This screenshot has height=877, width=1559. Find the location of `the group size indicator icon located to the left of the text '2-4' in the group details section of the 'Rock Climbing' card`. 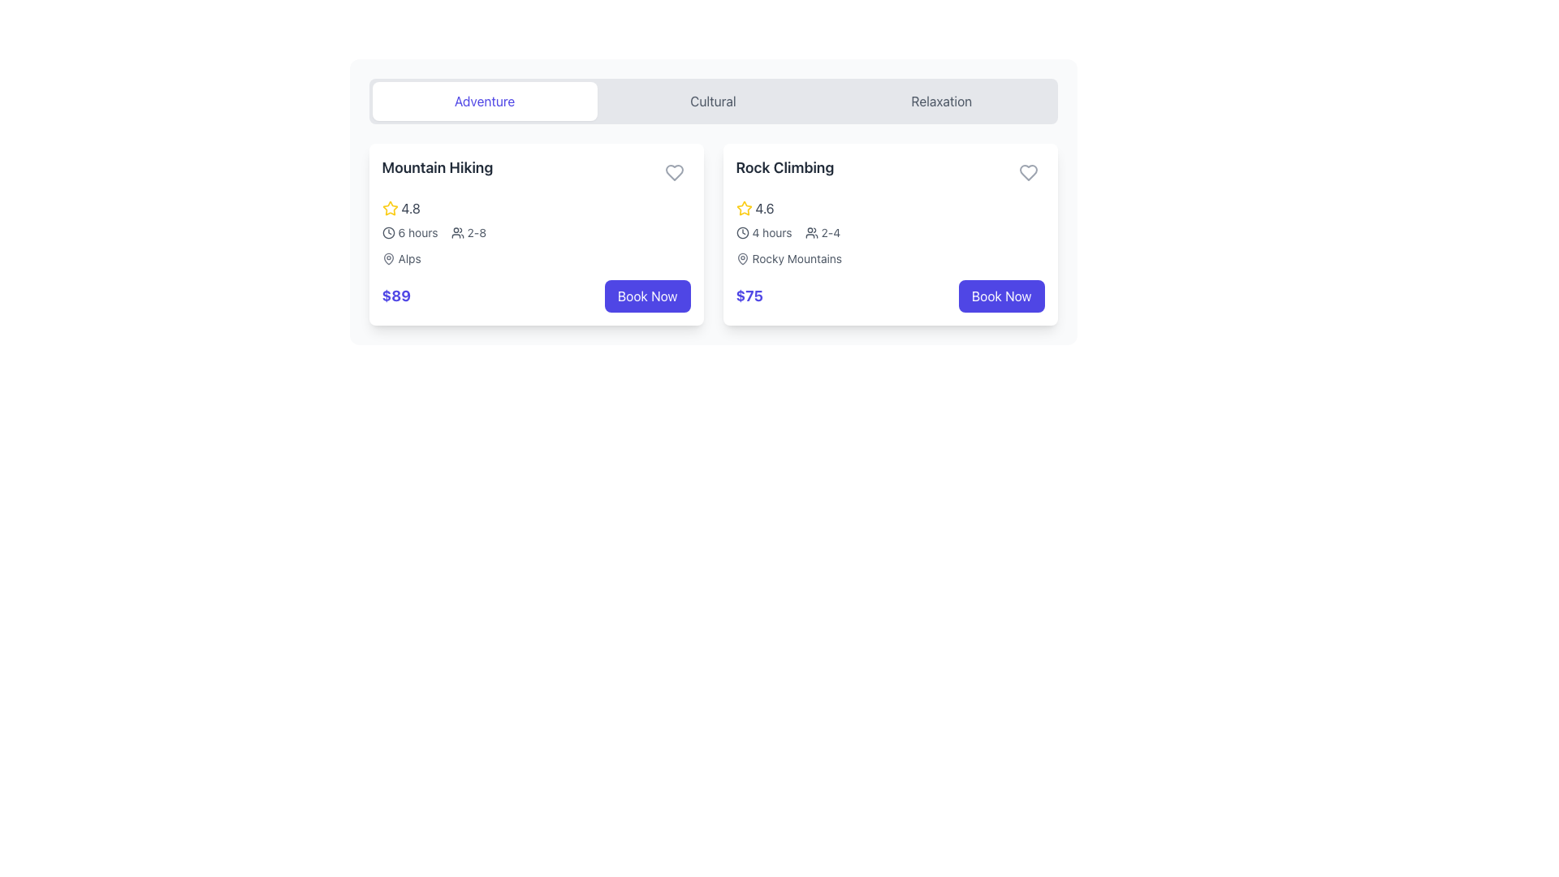

the group size indicator icon located to the left of the text '2-4' in the group details section of the 'Rock Climbing' card is located at coordinates (811, 232).